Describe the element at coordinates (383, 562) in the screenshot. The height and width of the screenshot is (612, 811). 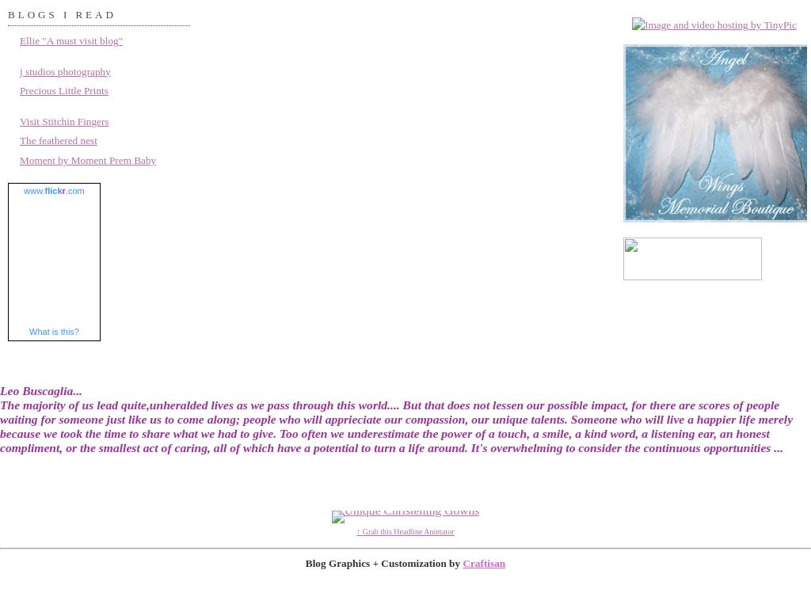
I see `'Blog Graphics + Customization by'` at that location.